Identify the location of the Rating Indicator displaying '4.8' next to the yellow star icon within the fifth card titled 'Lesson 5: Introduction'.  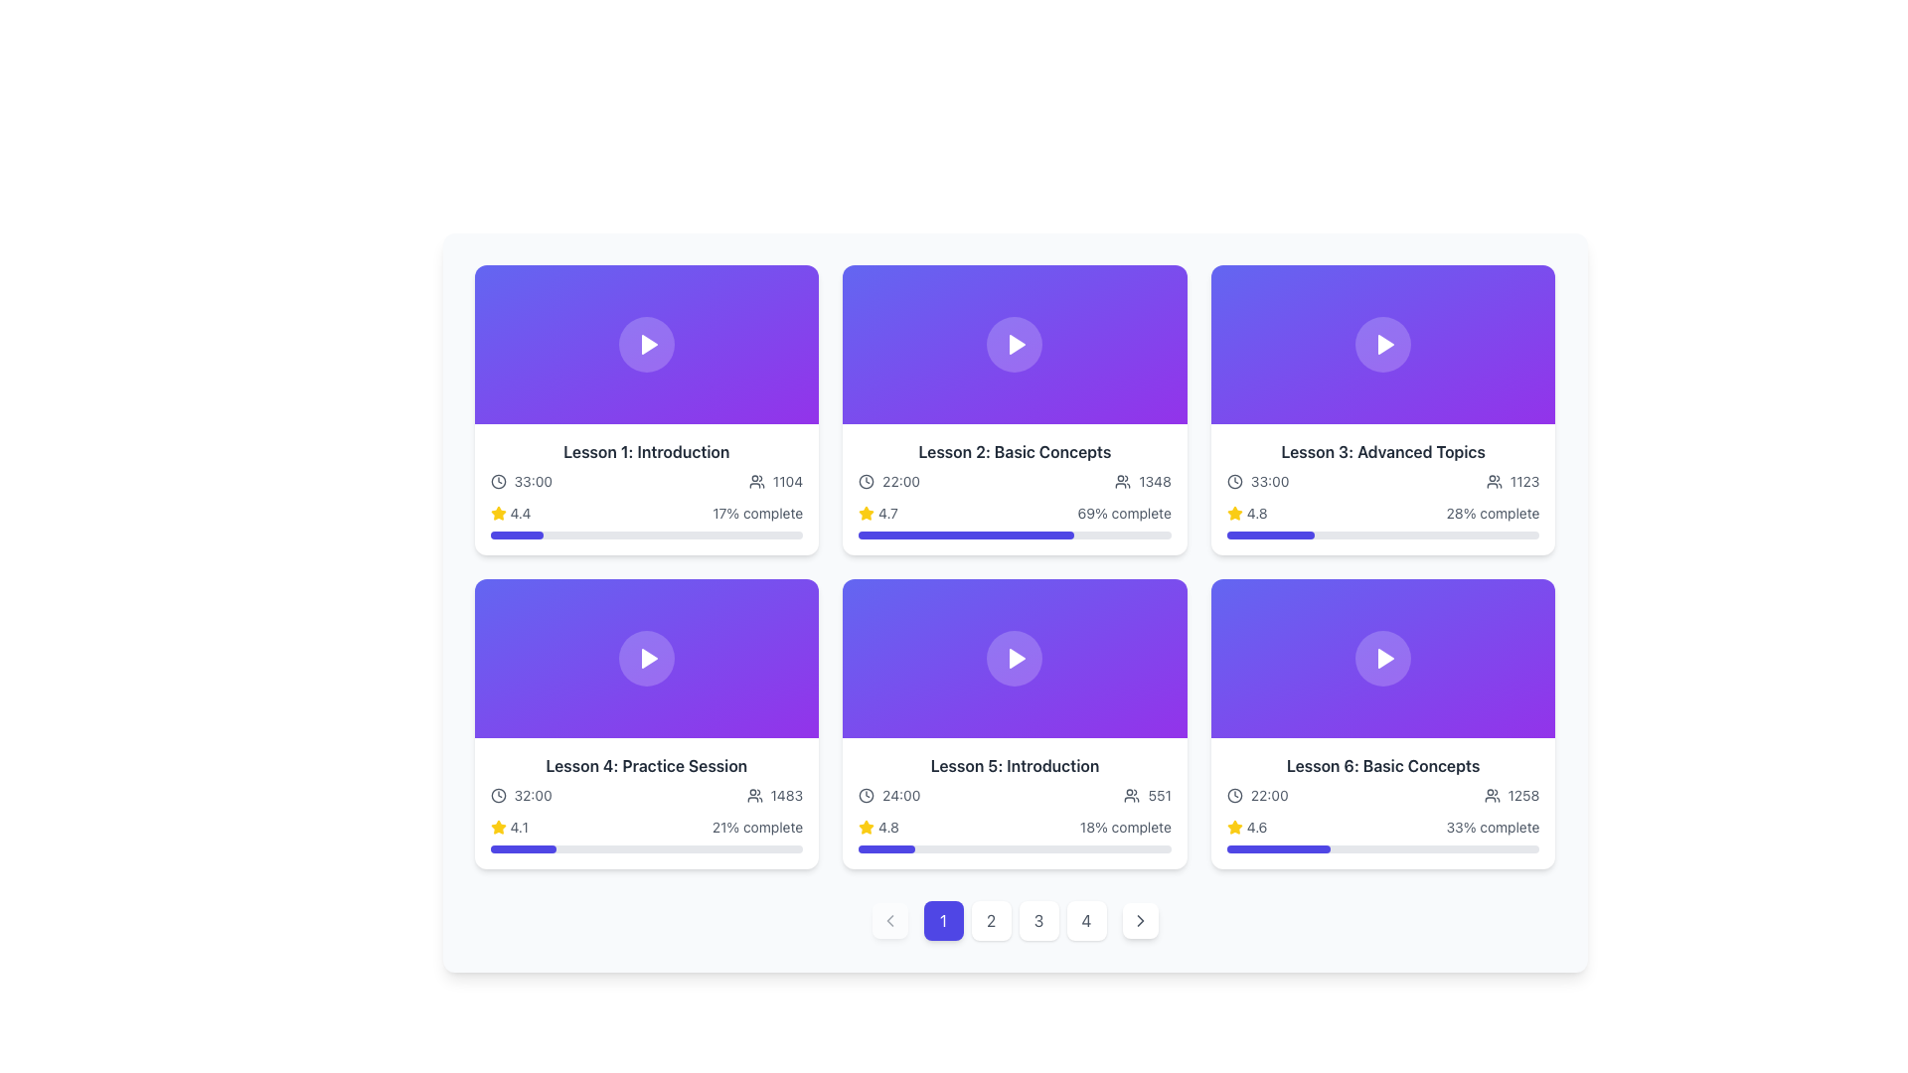
(877, 828).